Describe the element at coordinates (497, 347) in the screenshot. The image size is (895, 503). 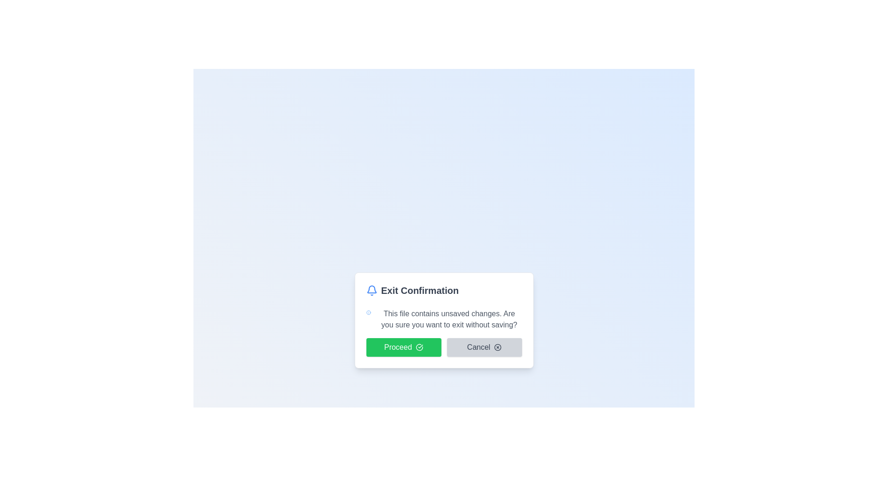
I see `the SVG circle element that is part of the cancel icon adjacent to the 'Cancel' button in the modal dialog interface` at that location.